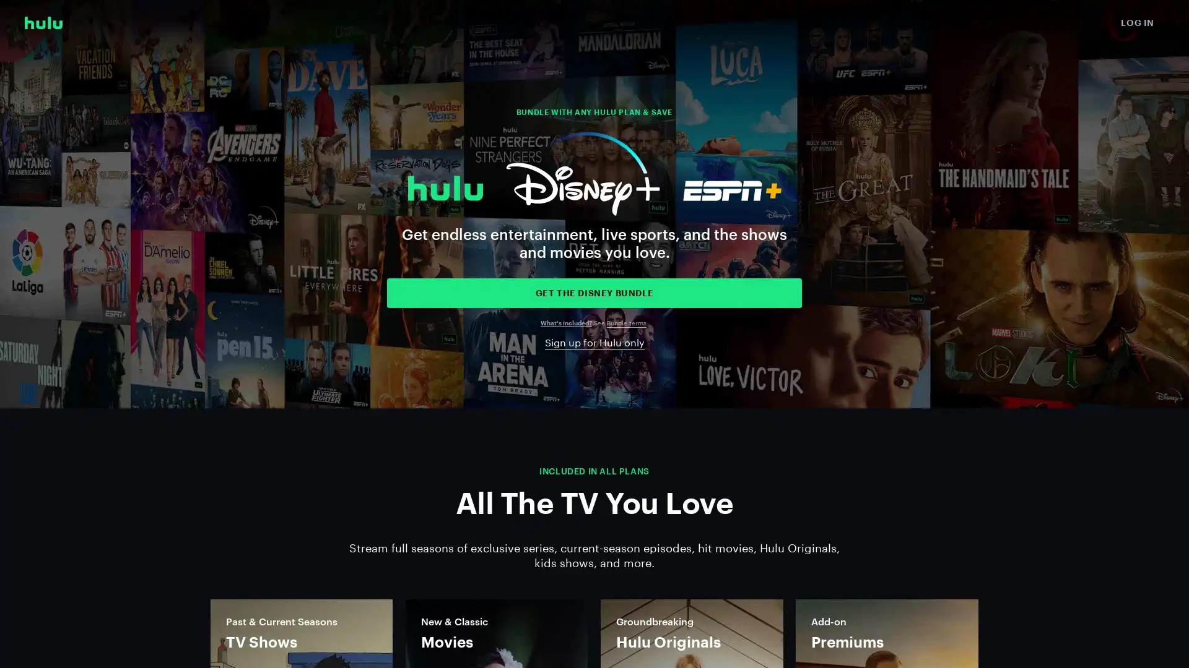 The height and width of the screenshot is (668, 1189). What do you see at coordinates (594, 293) in the screenshot?
I see `GET THE DISNEY BUNDLE` at bounding box center [594, 293].